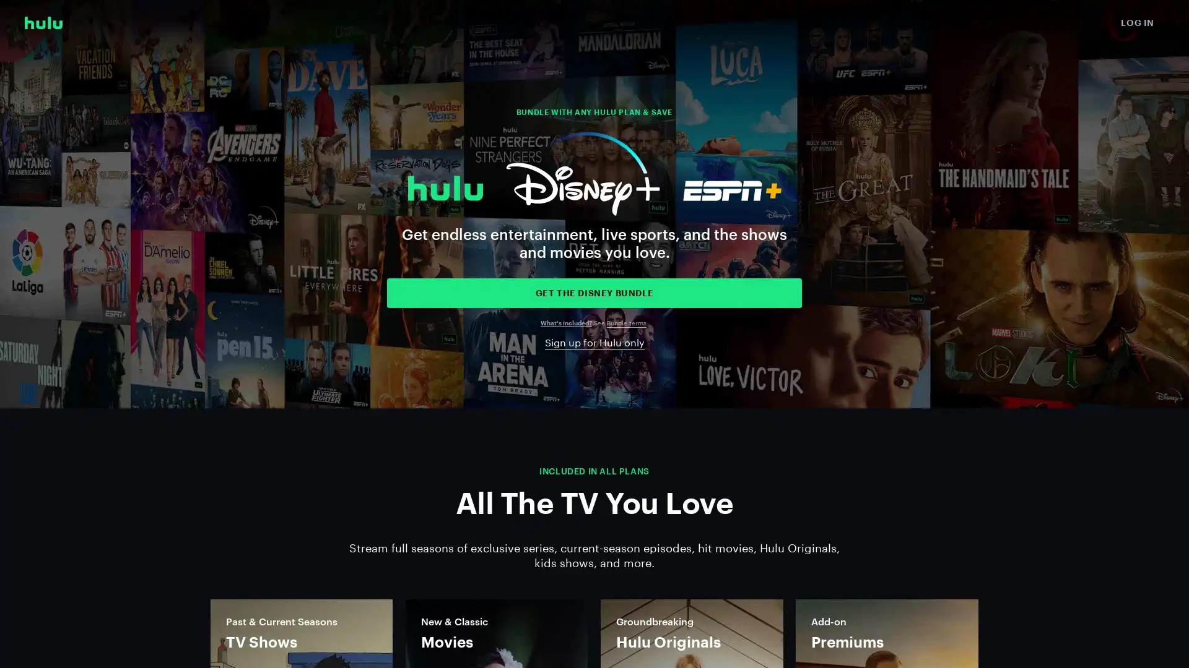 The height and width of the screenshot is (668, 1189). What do you see at coordinates (594, 293) in the screenshot?
I see `GET THE DISNEY BUNDLE` at bounding box center [594, 293].